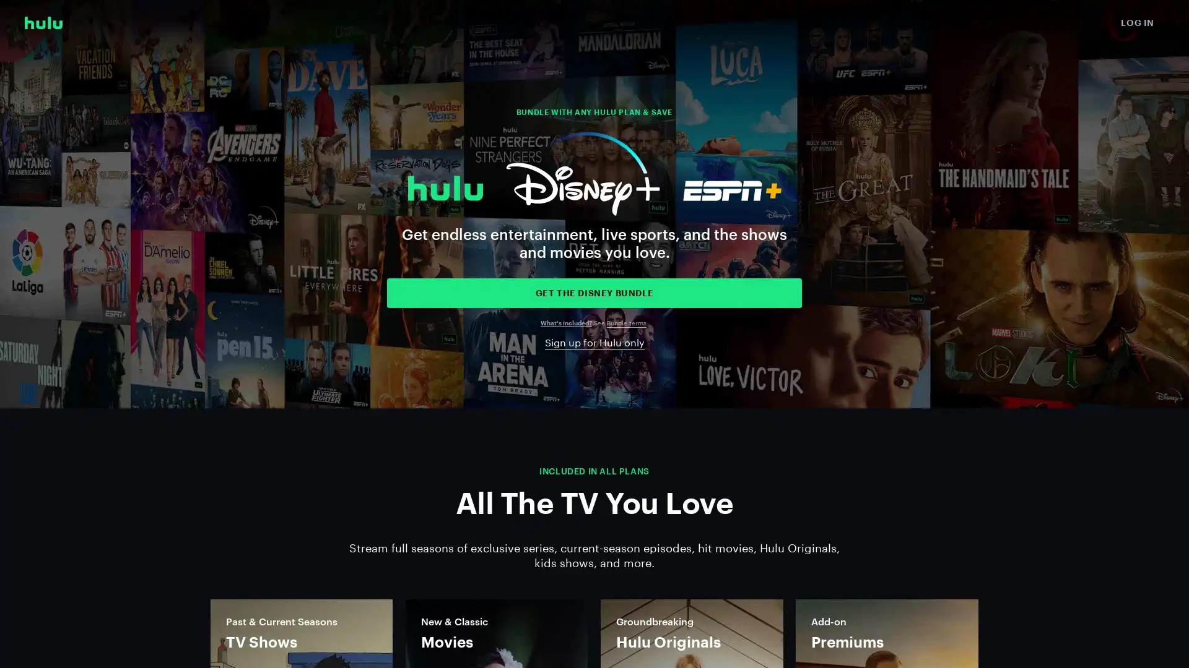 The height and width of the screenshot is (668, 1189). What do you see at coordinates (594, 293) in the screenshot?
I see `GET THE DISNEY BUNDLE` at bounding box center [594, 293].